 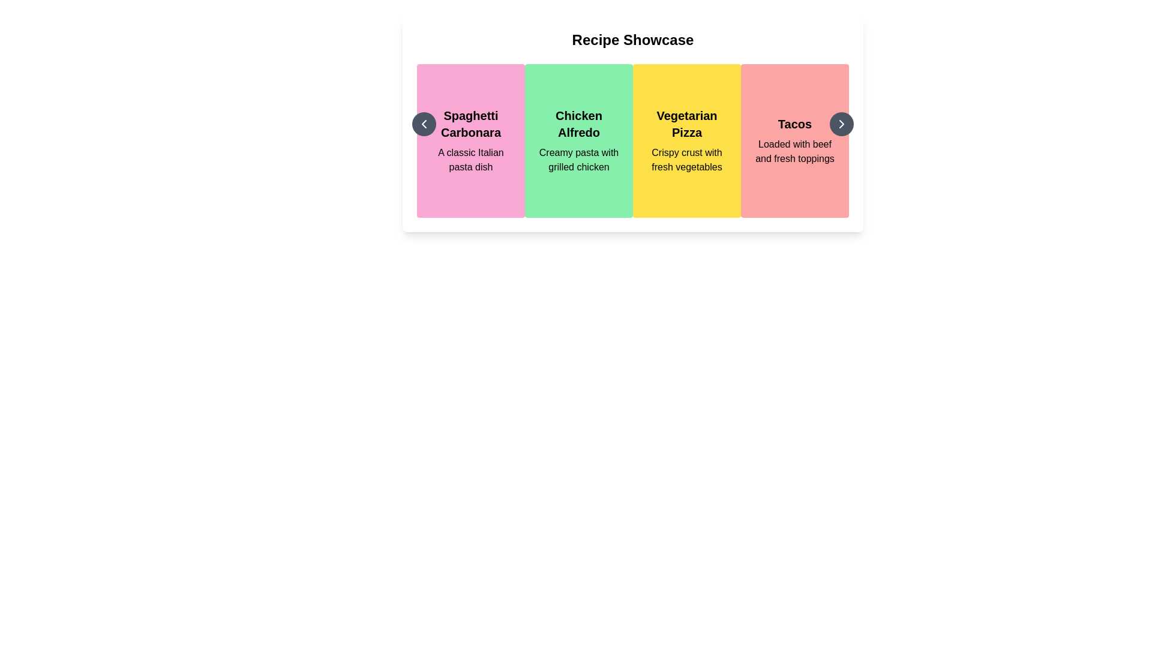 What do you see at coordinates (578, 124) in the screenshot?
I see `the 'Chicken Alfredo' text label` at bounding box center [578, 124].